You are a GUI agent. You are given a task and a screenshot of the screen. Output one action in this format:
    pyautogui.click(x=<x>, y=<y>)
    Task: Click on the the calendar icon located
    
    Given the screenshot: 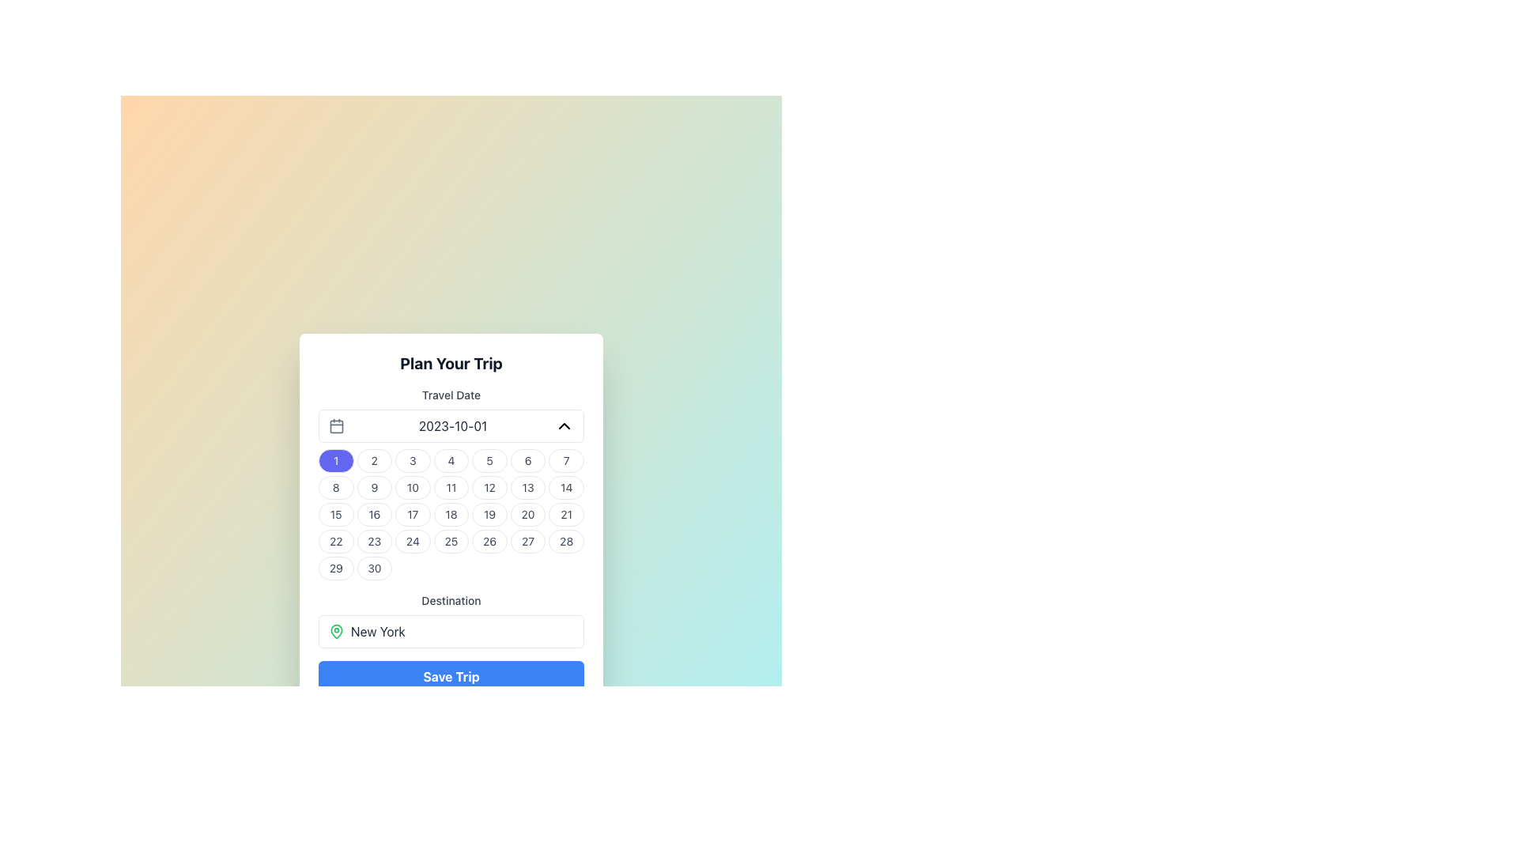 What is the action you would take?
    pyautogui.click(x=336, y=425)
    